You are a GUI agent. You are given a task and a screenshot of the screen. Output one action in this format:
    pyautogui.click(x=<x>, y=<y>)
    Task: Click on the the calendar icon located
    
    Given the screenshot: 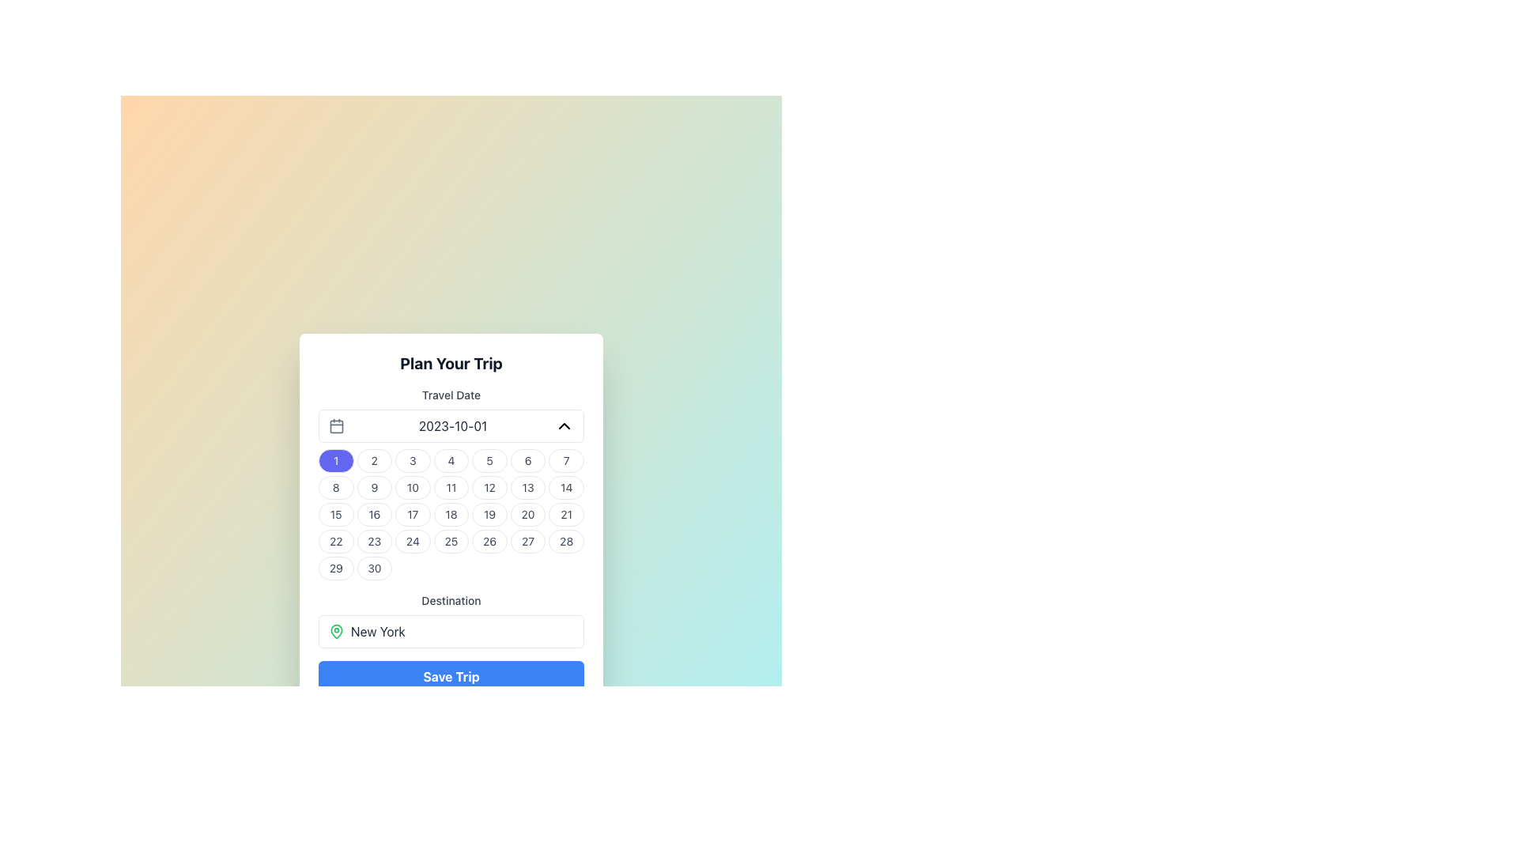 What is the action you would take?
    pyautogui.click(x=336, y=425)
    